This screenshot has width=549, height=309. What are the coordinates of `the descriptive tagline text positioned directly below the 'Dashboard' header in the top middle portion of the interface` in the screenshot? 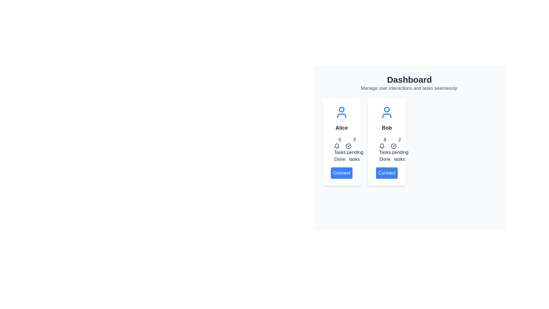 It's located at (409, 88).